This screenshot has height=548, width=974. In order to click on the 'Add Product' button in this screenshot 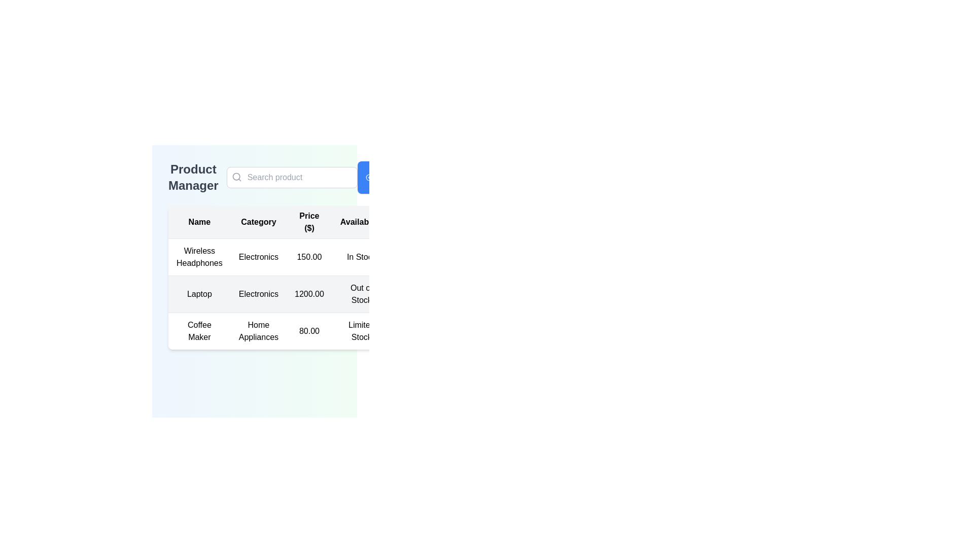, I will do `click(386, 177)`.